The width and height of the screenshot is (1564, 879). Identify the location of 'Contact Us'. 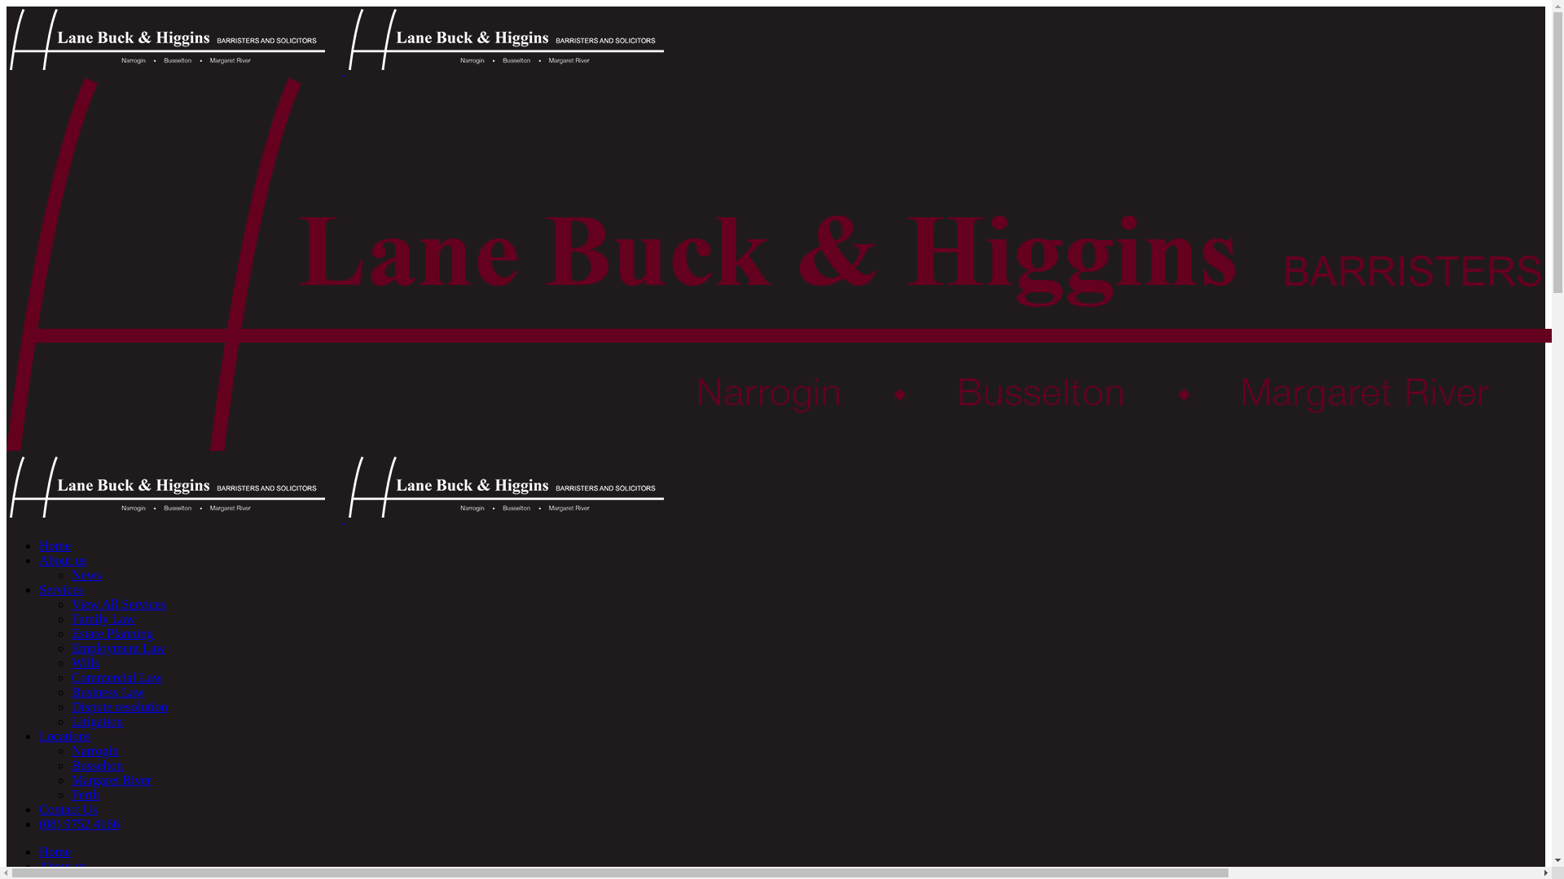
(39, 809).